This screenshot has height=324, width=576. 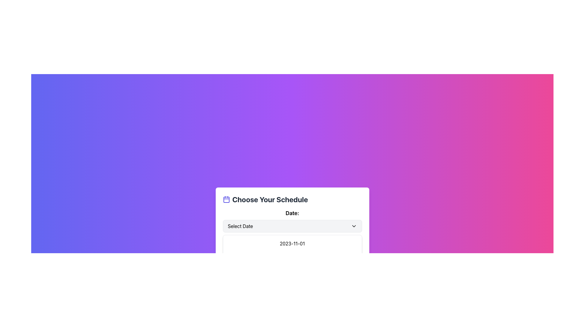 I want to click on the first selectable date option in the dropdown menu located below the 'Select Date' dropdown, so click(x=292, y=244).